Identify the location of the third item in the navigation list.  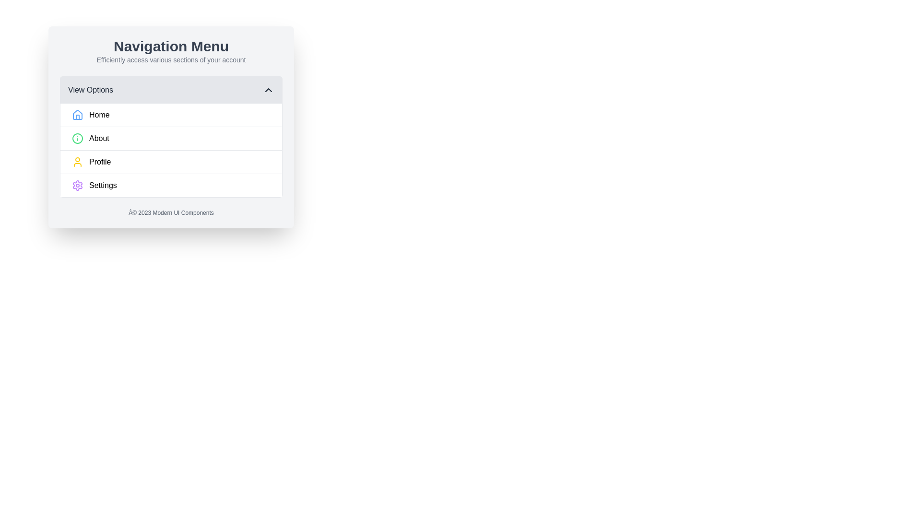
(171, 161).